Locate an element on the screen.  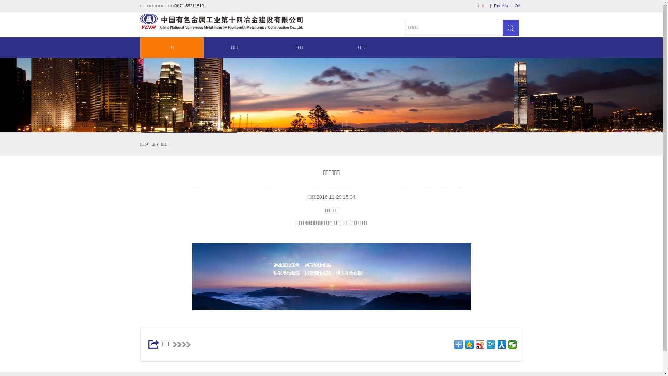
'English' is located at coordinates (500, 6).